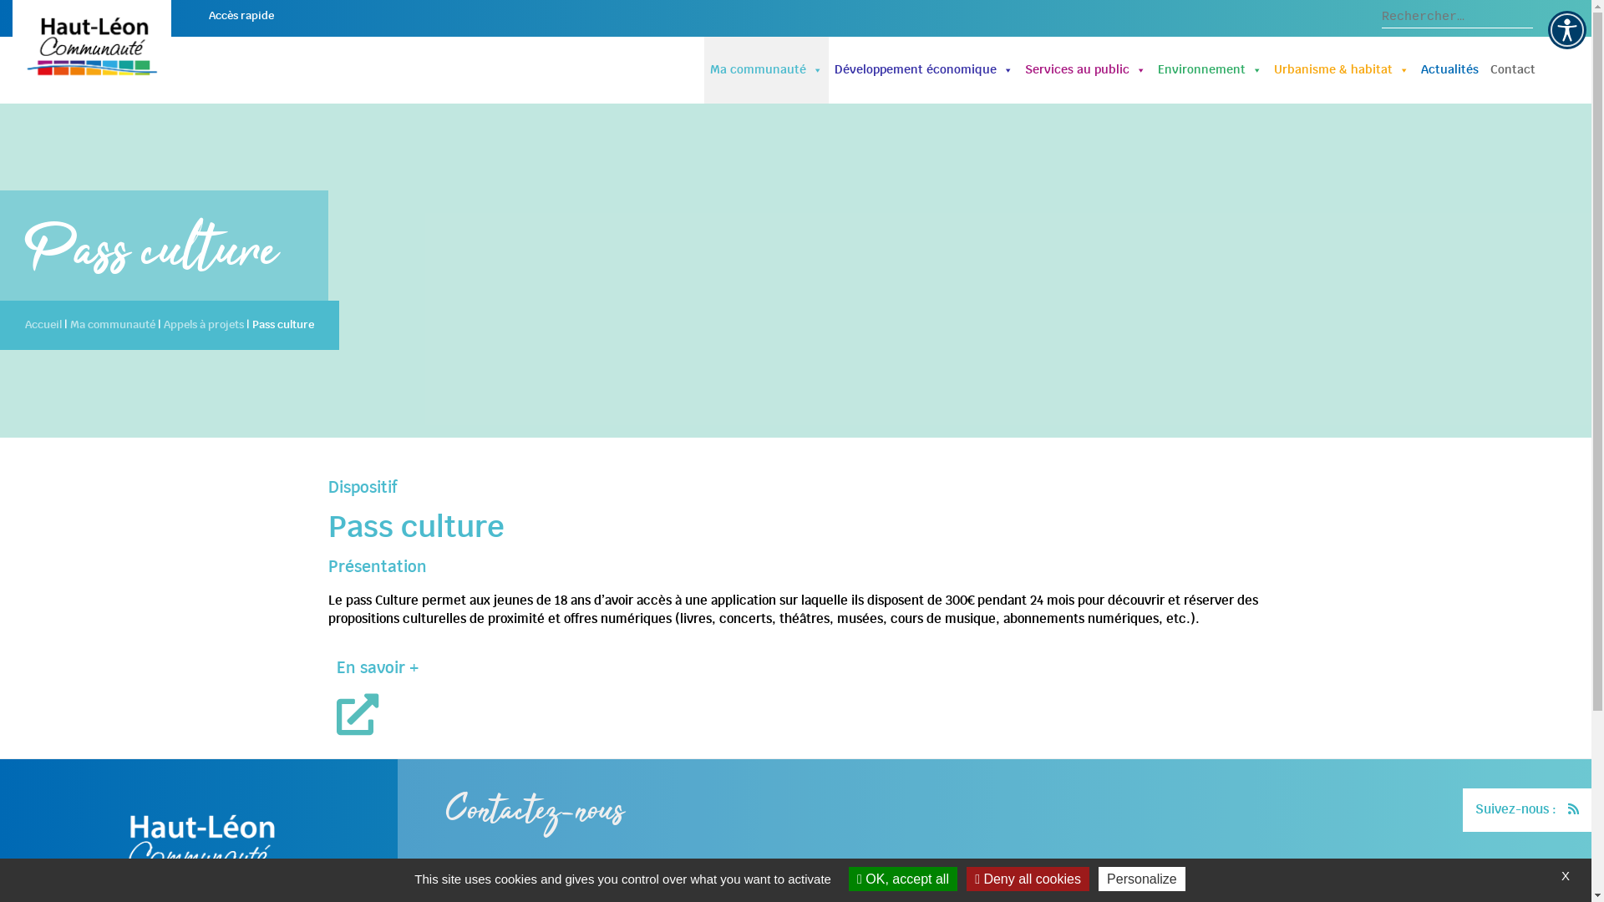 Image resolution: width=1604 pixels, height=902 pixels. Describe the element at coordinates (966, 878) in the screenshot. I see `'Deny all cookies'` at that location.